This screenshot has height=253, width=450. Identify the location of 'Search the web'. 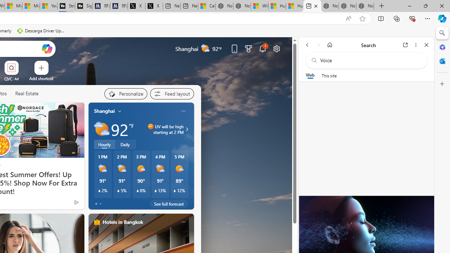
(369, 60).